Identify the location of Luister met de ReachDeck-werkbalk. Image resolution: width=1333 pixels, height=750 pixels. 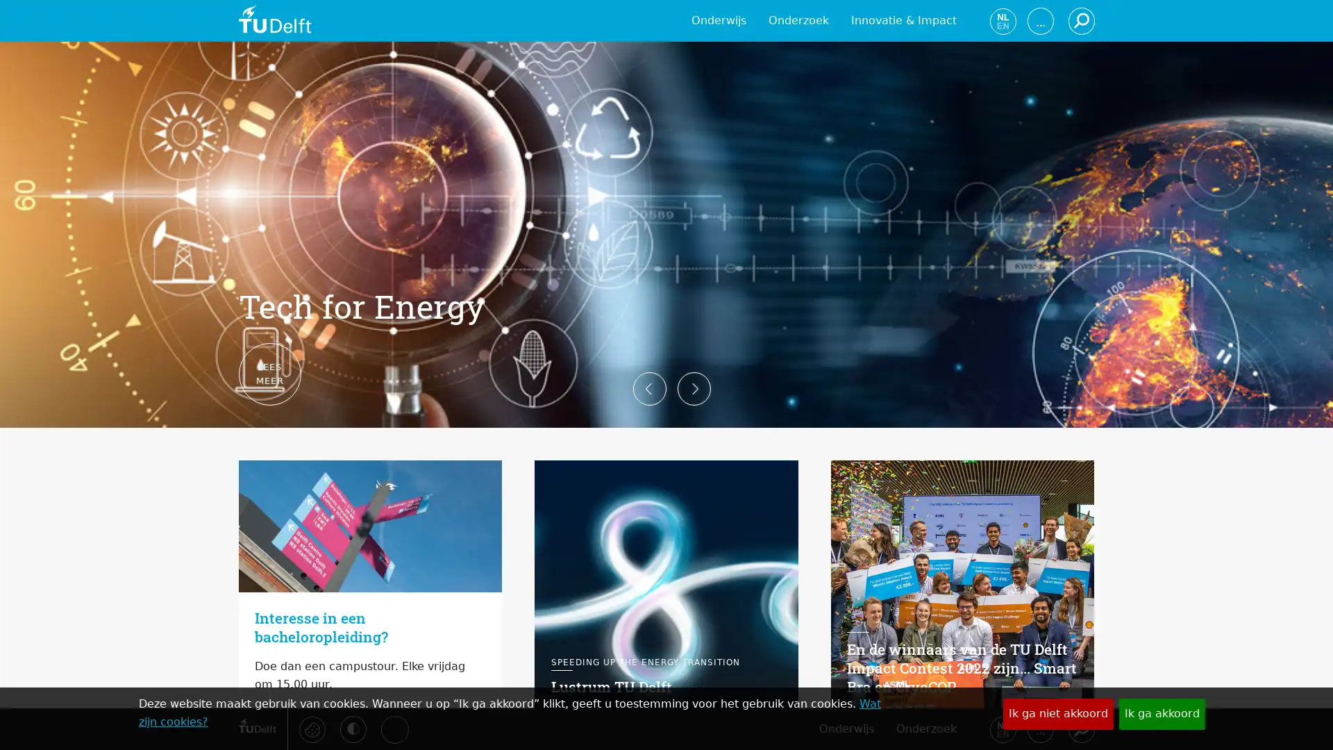
(393, 728).